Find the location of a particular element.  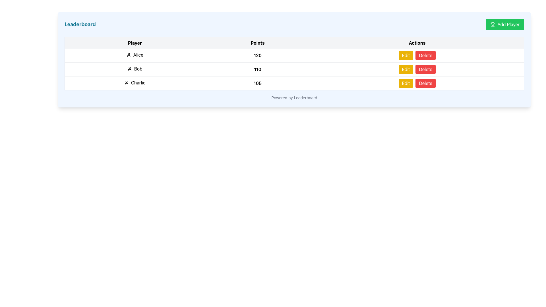

the 'Edit' button with a yellow background and white text to change its shade is located at coordinates (406, 69).